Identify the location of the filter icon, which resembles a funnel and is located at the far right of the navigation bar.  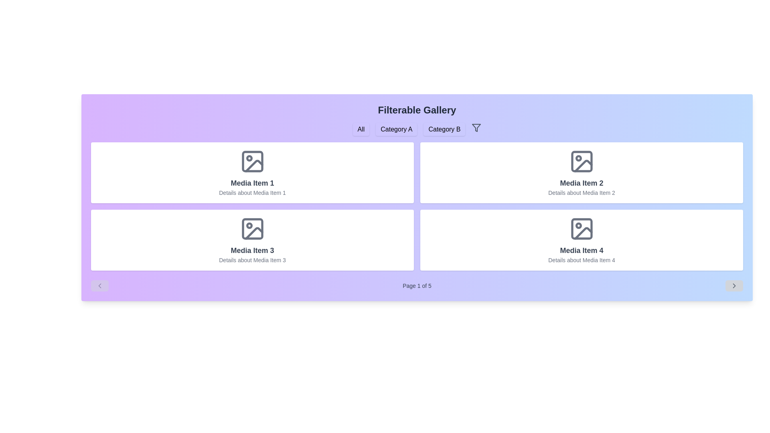
(476, 127).